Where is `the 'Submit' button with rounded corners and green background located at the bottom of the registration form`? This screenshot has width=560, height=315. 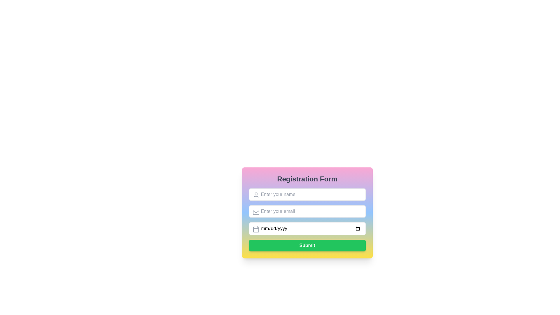 the 'Submit' button with rounded corners and green background located at the bottom of the registration form is located at coordinates (307, 245).